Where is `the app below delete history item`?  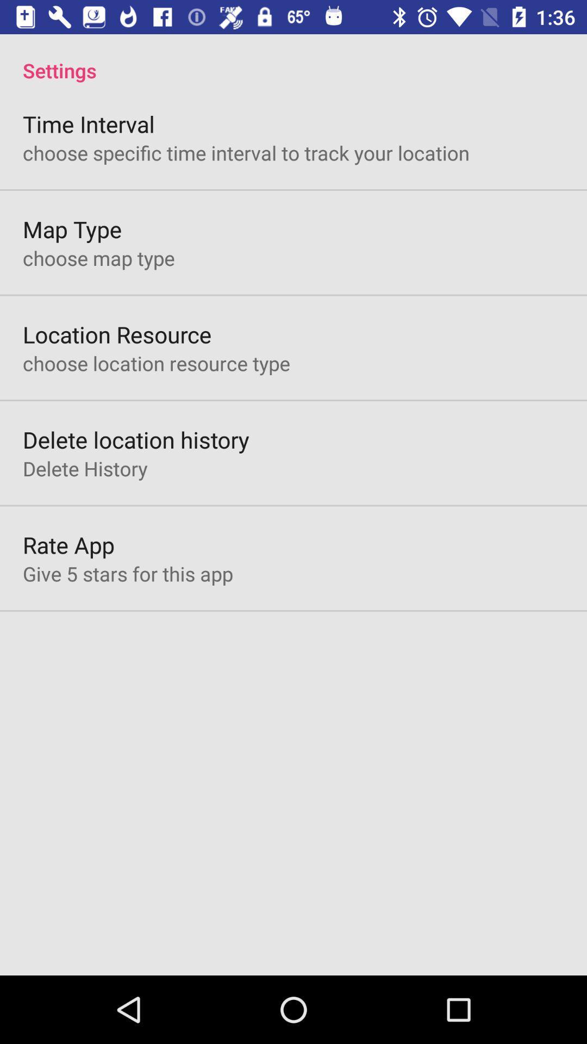 the app below delete history item is located at coordinates (68, 545).